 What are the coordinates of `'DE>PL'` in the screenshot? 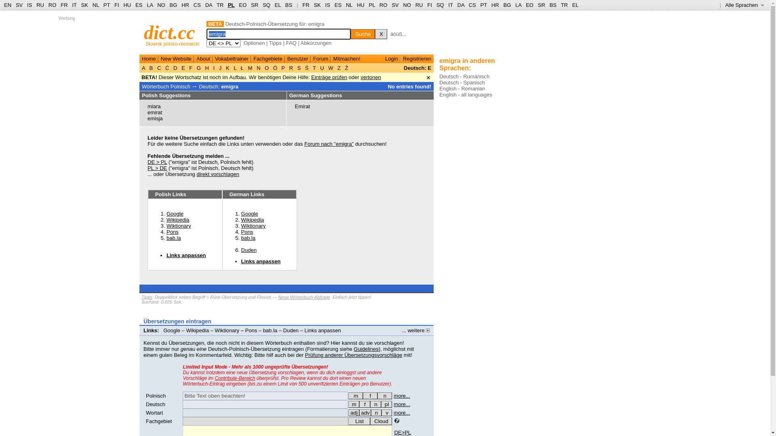 It's located at (403, 432).